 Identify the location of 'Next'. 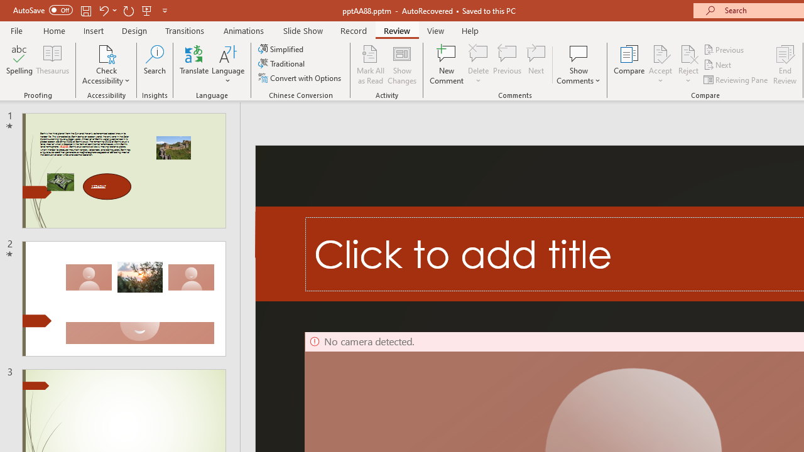
(719, 65).